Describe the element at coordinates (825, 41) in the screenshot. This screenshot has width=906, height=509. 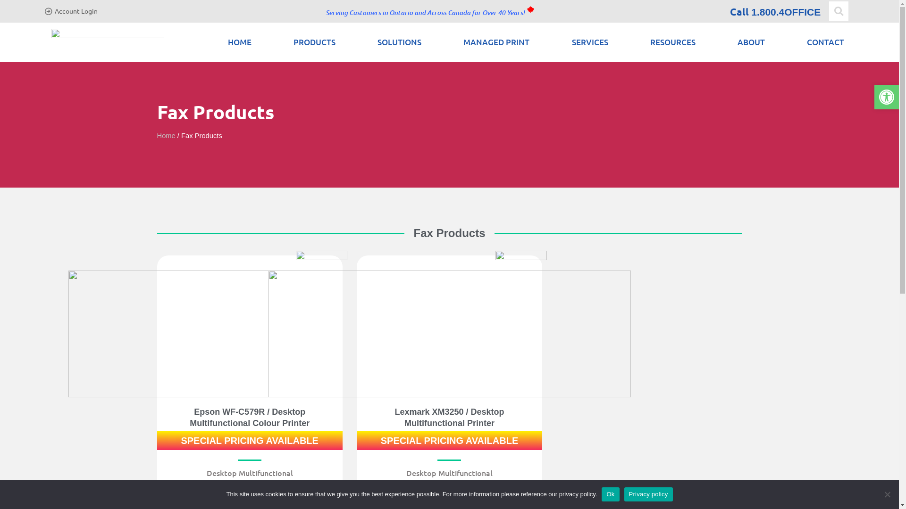
I see `'CONTACT'` at that location.